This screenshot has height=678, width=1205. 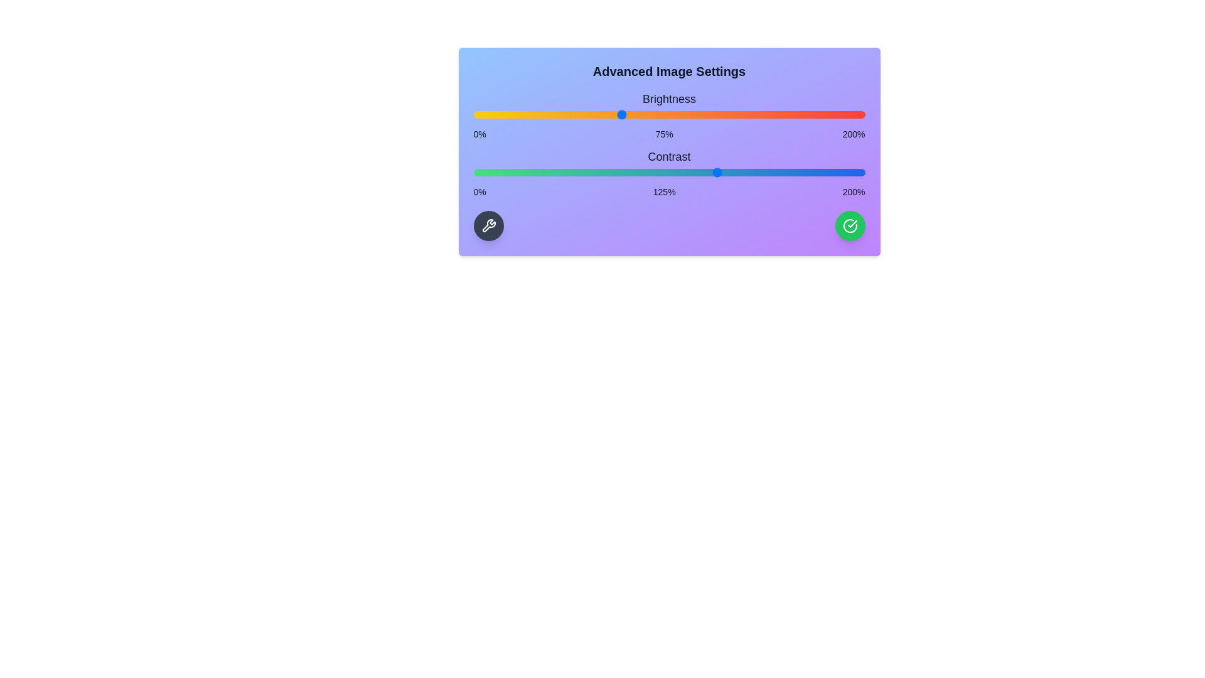 I want to click on the contrast slider to 172%, so click(x=810, y=172).